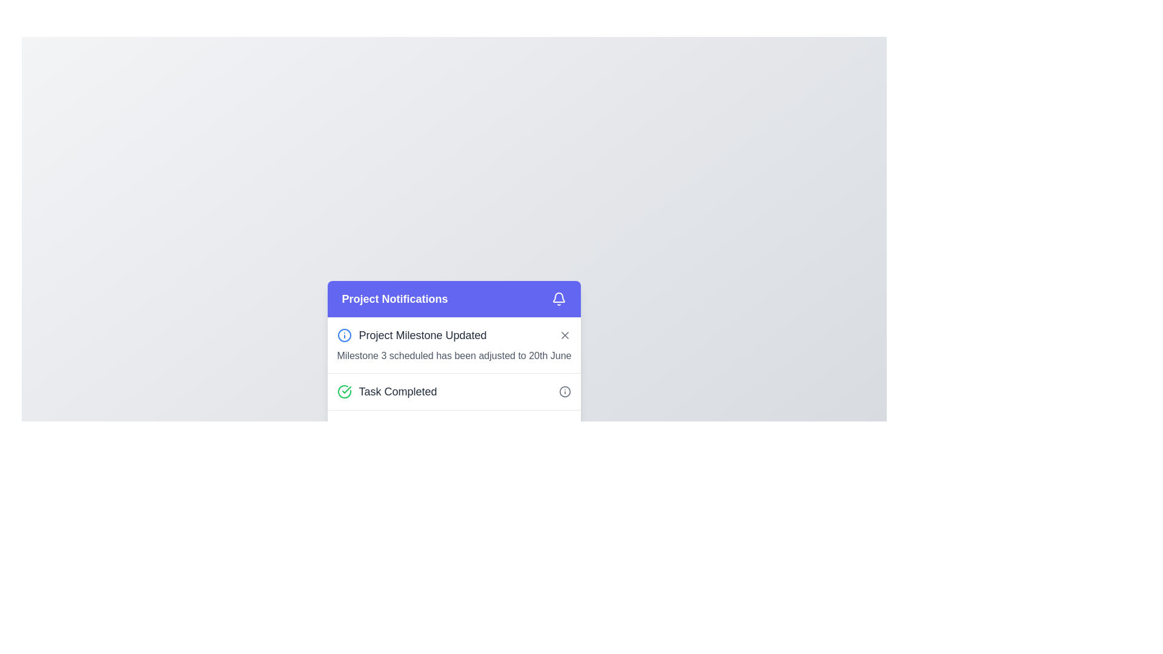 Image resolution: width=1163 pixels, height=654 pixels. What do you see at coordinates (345, 390) in the screenshot?
I see `the checkmark in a circle icon component, which is part of the SVG icon indicating 'Task Completed' in the second notification item` at bounding box center [345, 390].